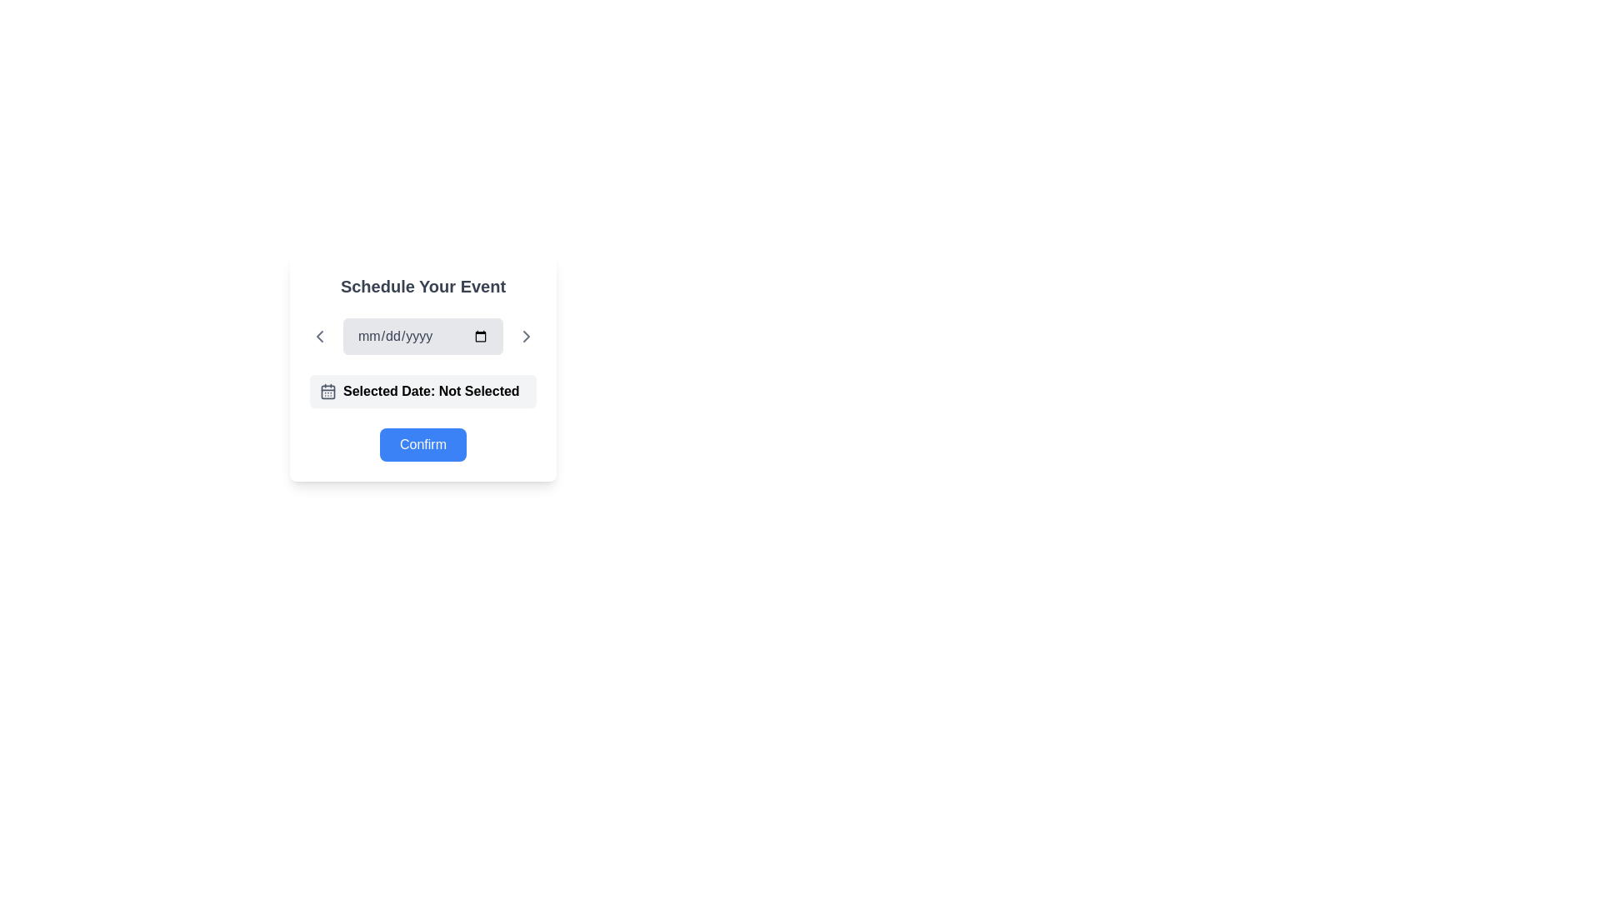 The width and height of the screenshot is (1600, 900). What do you see at coordinates (327, 392) in the screenshot?
I see `the gray calendar icon located to the left of the text 'Selected Date: Not Selected'` at bounding box center [327, 392].